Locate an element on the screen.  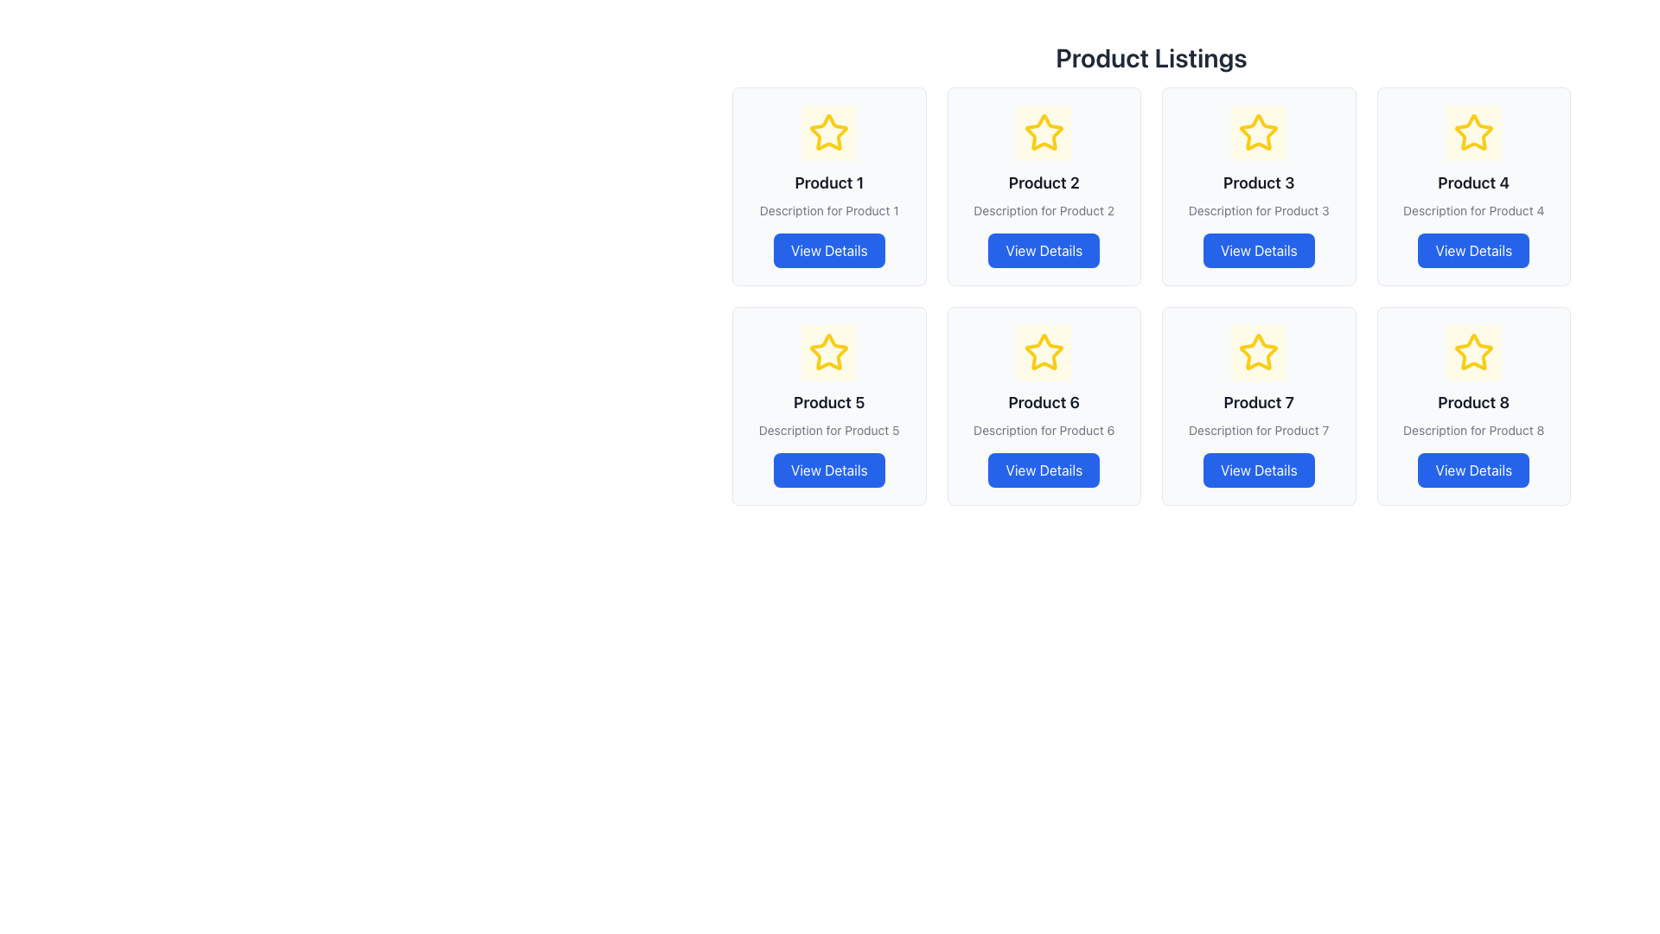
the text label displaying 'Product 4', which is located in the fourth card of the product grid, positioned between a star icon above and the description below is located at coordinates (1472, 183).